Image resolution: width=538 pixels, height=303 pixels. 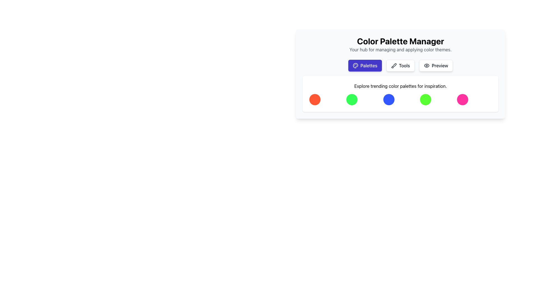 What do you see at coordinates (426, 65) in the screenshot?
I see `outer circular shape of the eye icon located in the top-right corner of the interface for its visual style or SVG properties` at bounding box center [426, 65].